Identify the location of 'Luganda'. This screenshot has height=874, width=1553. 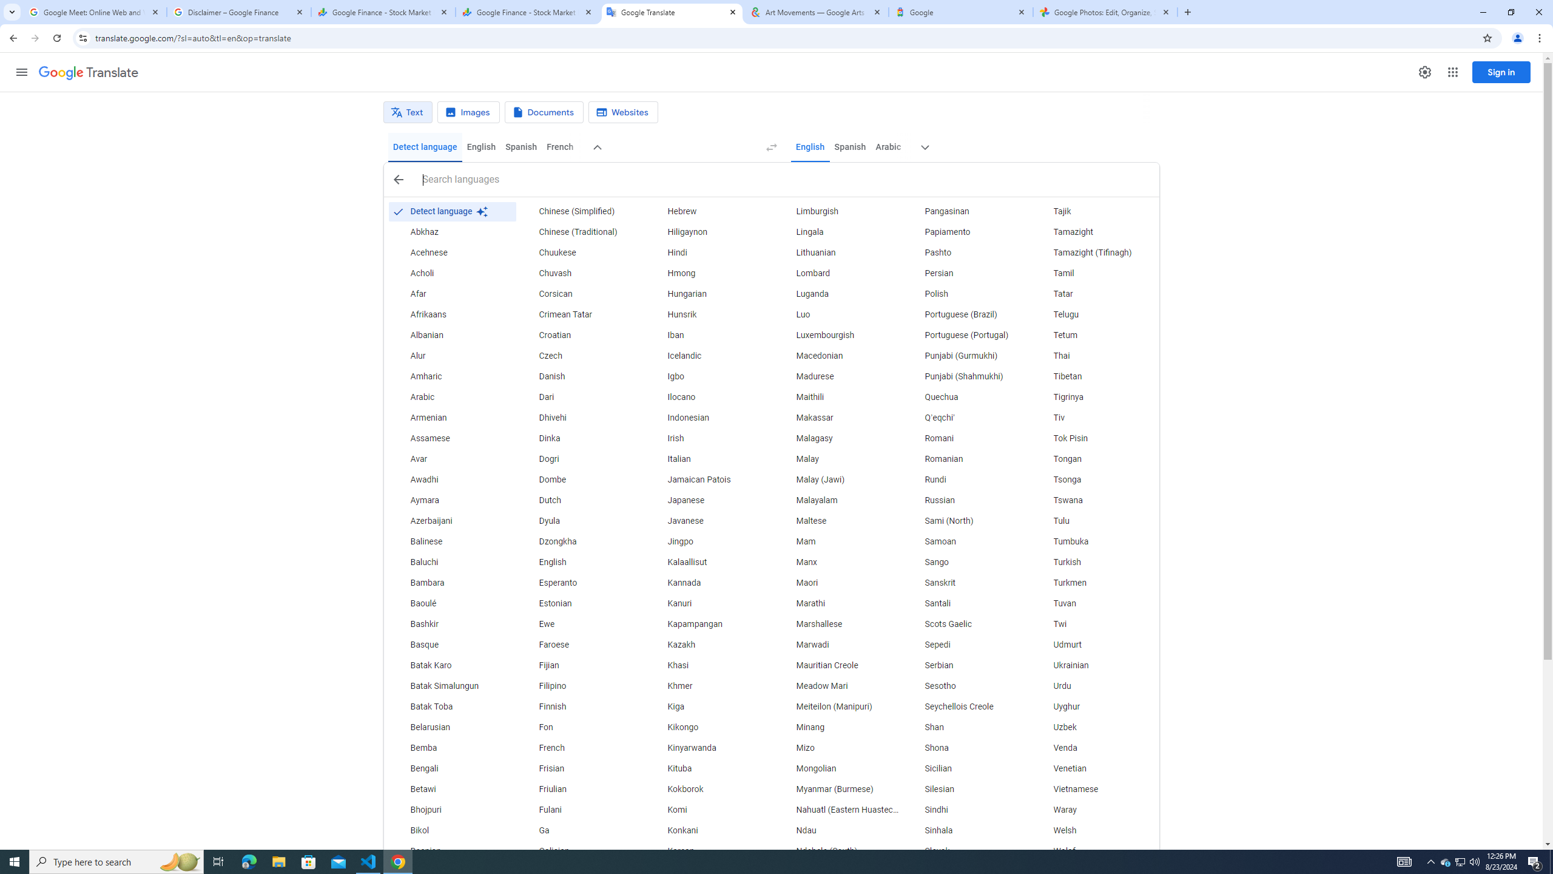
(838, 294).